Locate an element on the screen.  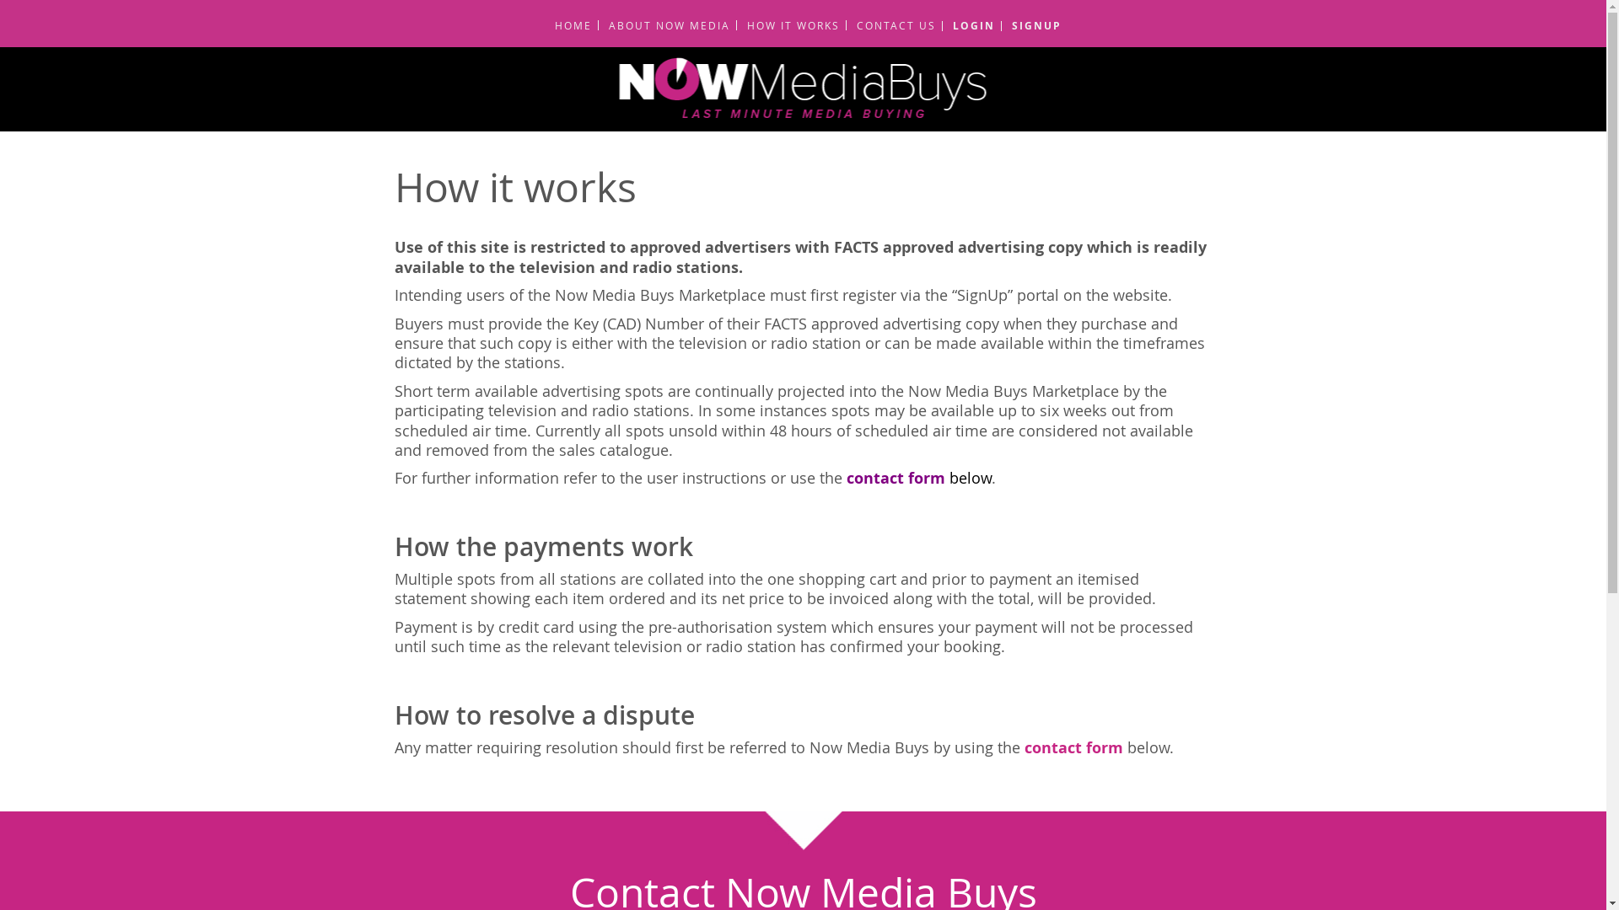
'SIGNUP' is located at coordinates (1030, 25).